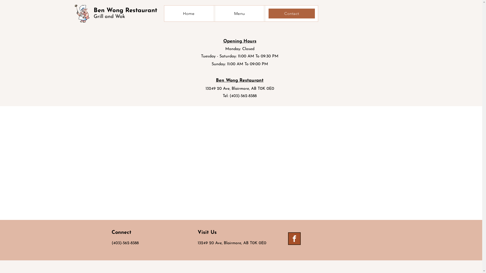 Image resolution: width=486 pixels, height=273 pixels. What do you see at coordinates (239, 13) in the screenshot?
I see `'Menu'` at bounding box center [239, 13].